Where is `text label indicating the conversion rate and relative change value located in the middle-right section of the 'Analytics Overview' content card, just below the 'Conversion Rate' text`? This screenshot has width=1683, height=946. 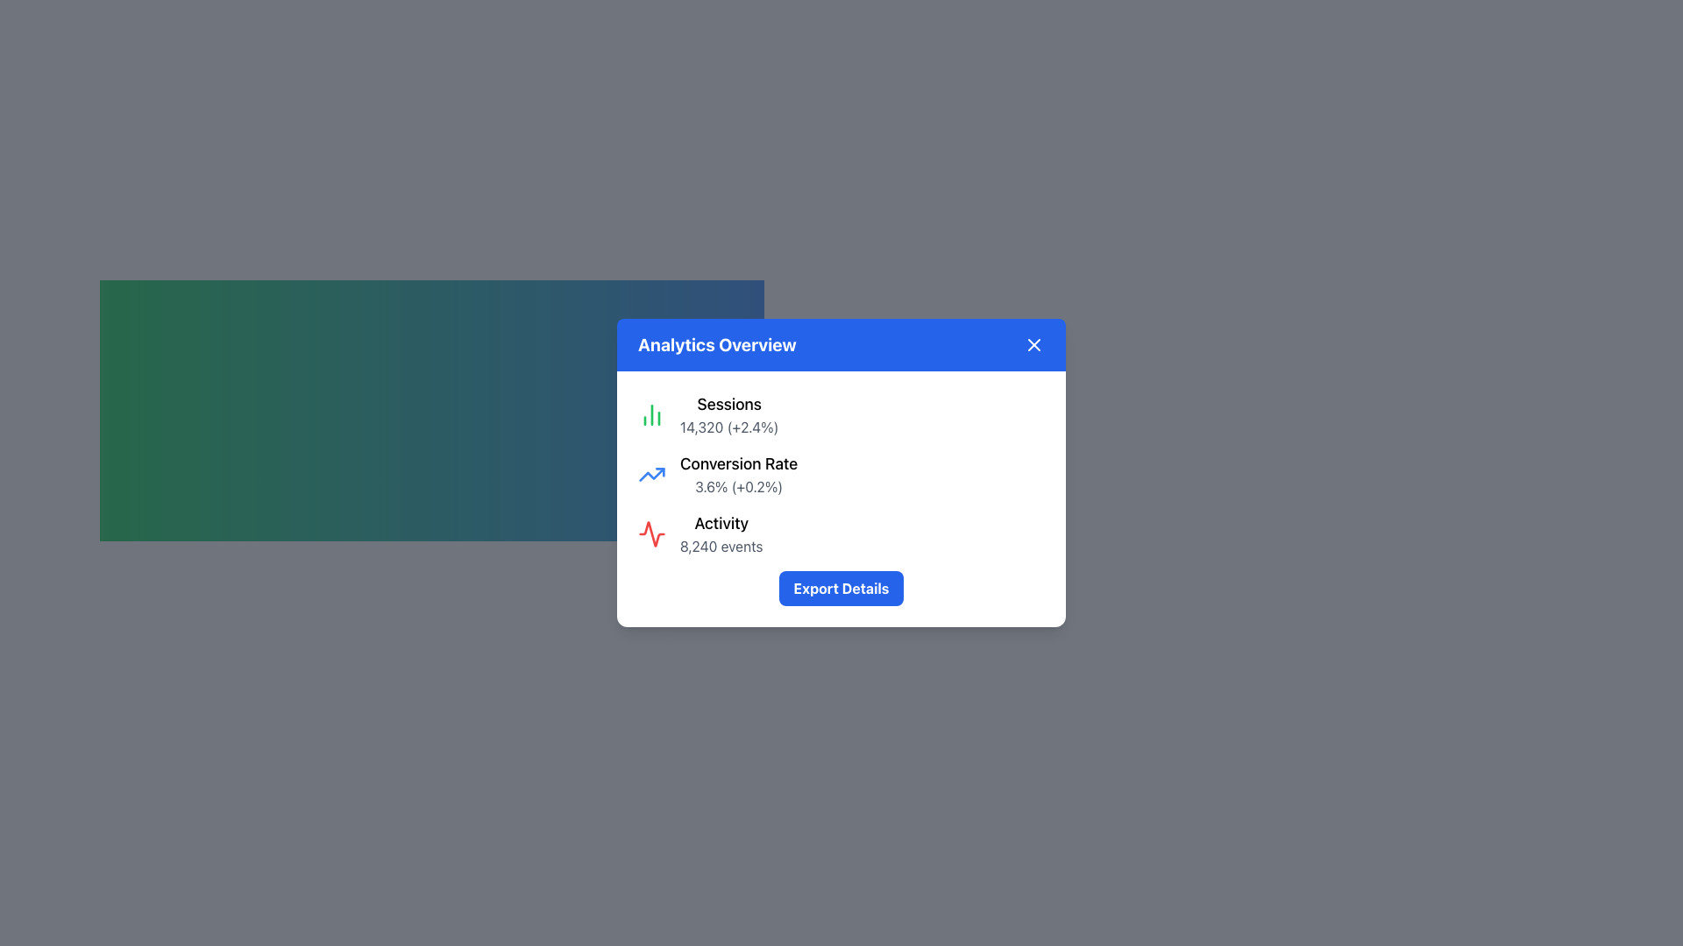
text label indicating the conversion rate and relative change value located in the middle-right section of the 'Analytics Overview' content card, just below the 'Conversion Rate' text is located at coordinates (739, 486).